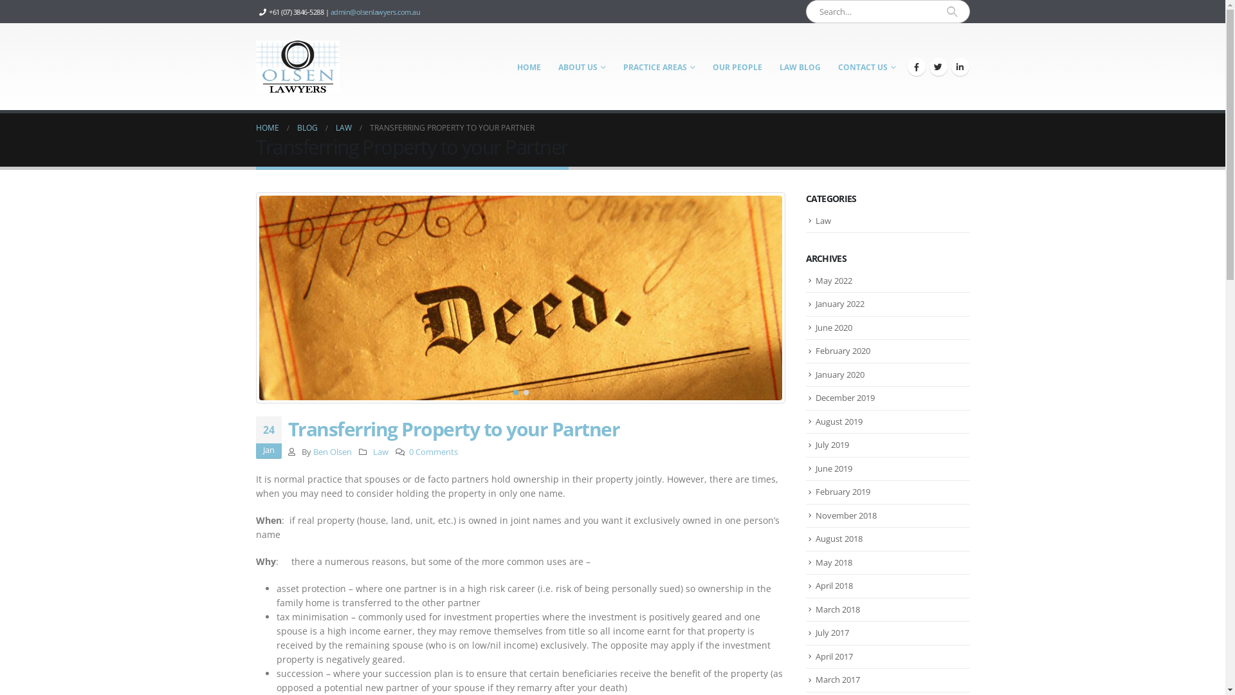  Describe the element at coordinates (267, 128) in the screenshot. I see `'HOME'` at that location.